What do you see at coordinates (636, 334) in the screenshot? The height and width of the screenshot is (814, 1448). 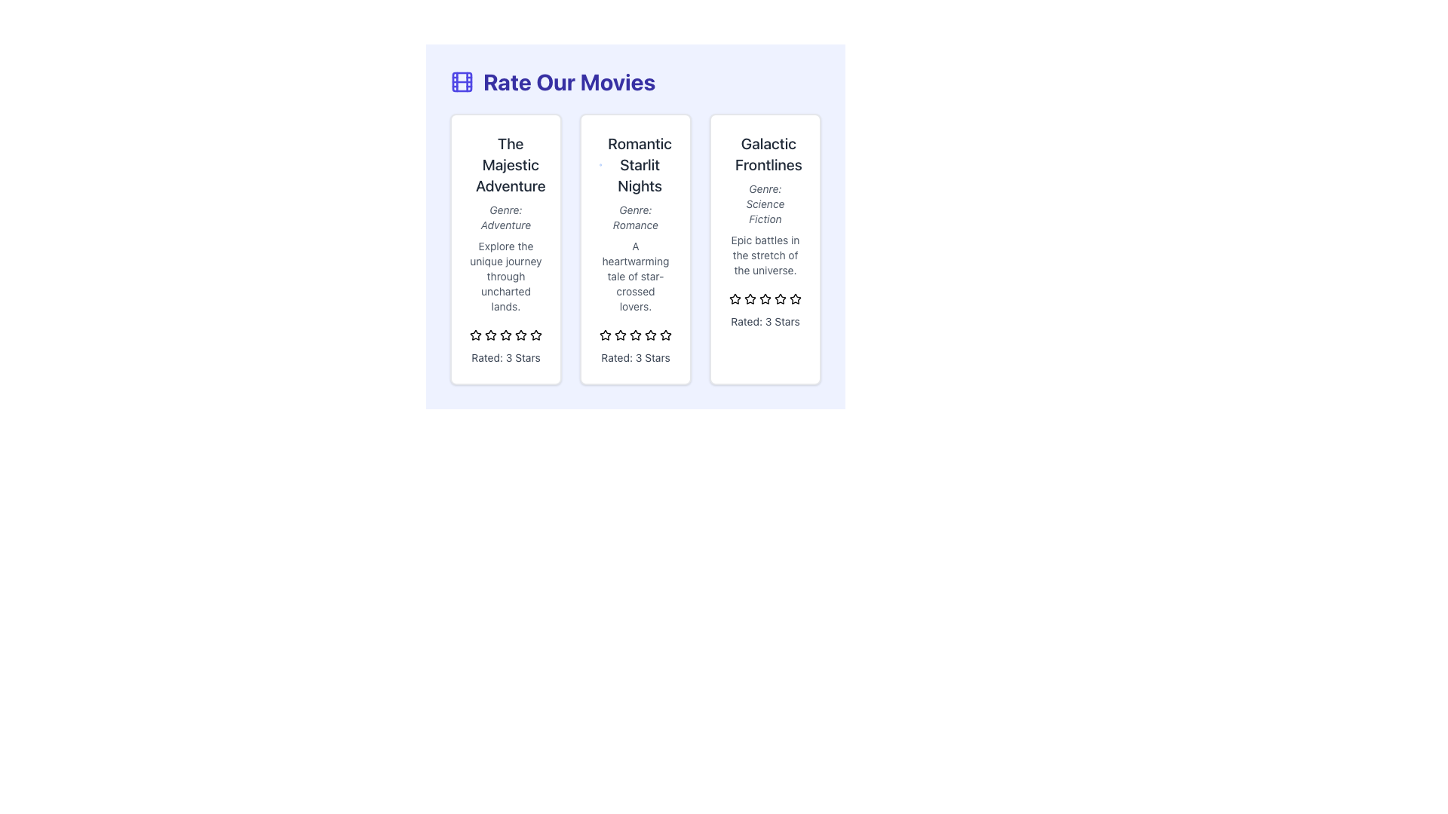 I see `the current state of the fifth star icon in the 'Romantic Starlit Nights' section, which contributes to the rating display` at bounding box center [636, 334].